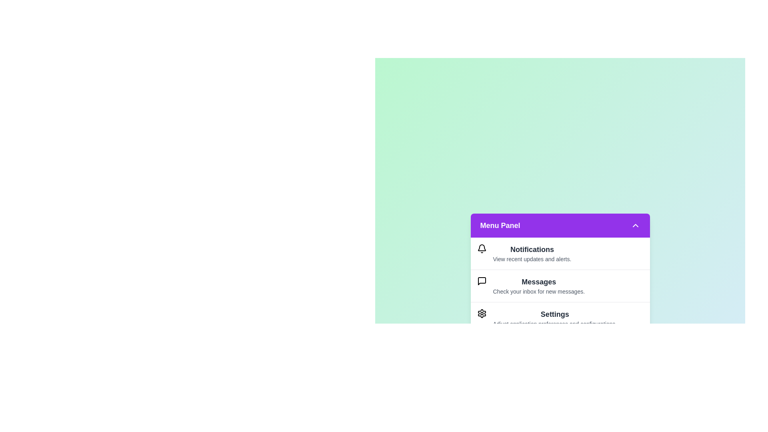  Describe the element at coordinates (560, 253) in the screenshot. I see `the menu item Notifications from the list` at that location.